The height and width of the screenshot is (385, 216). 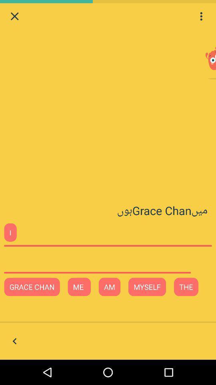 I want to click on the more icon, so click(x=201, y=17).